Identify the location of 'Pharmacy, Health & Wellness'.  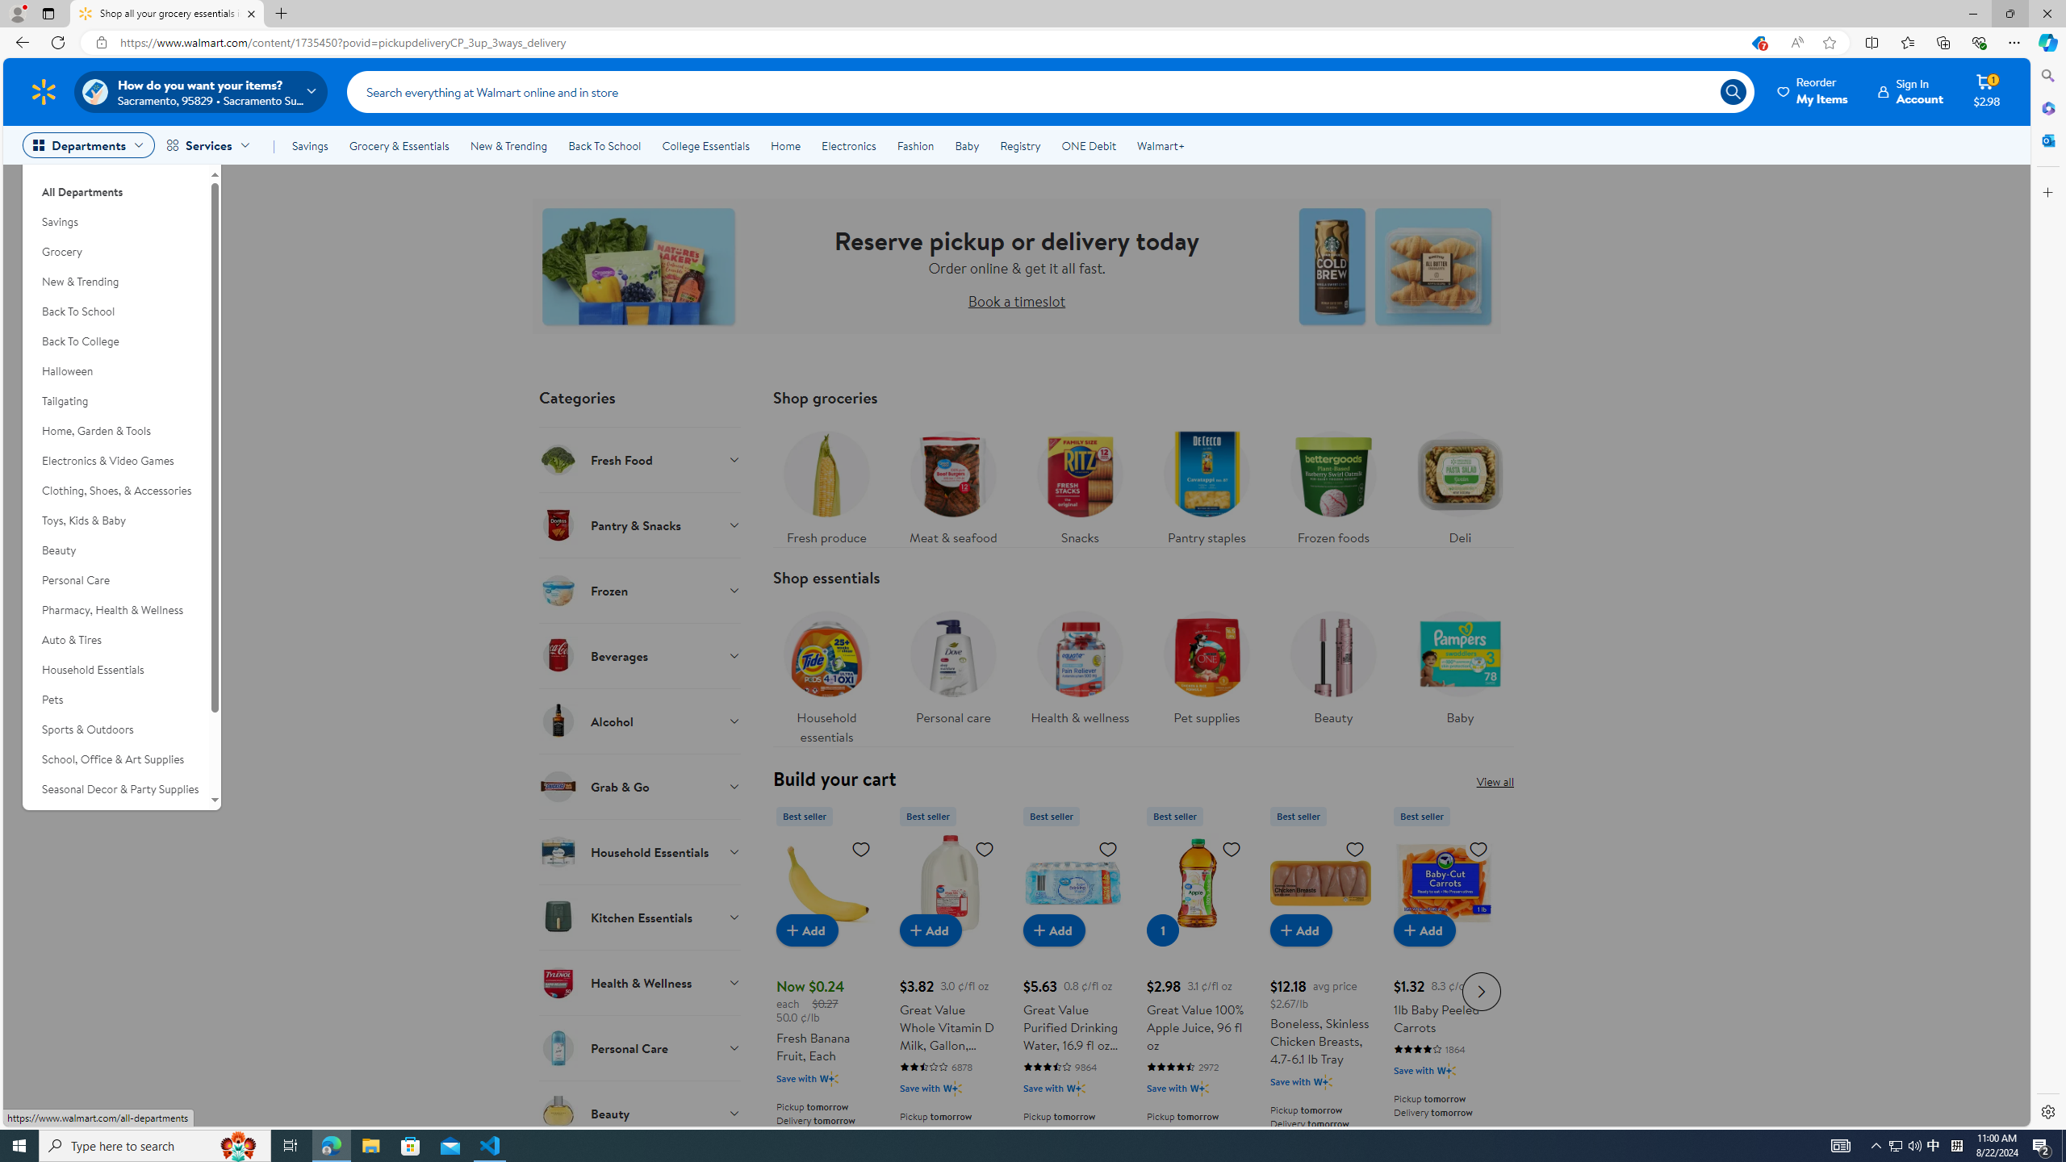
(115, 609).